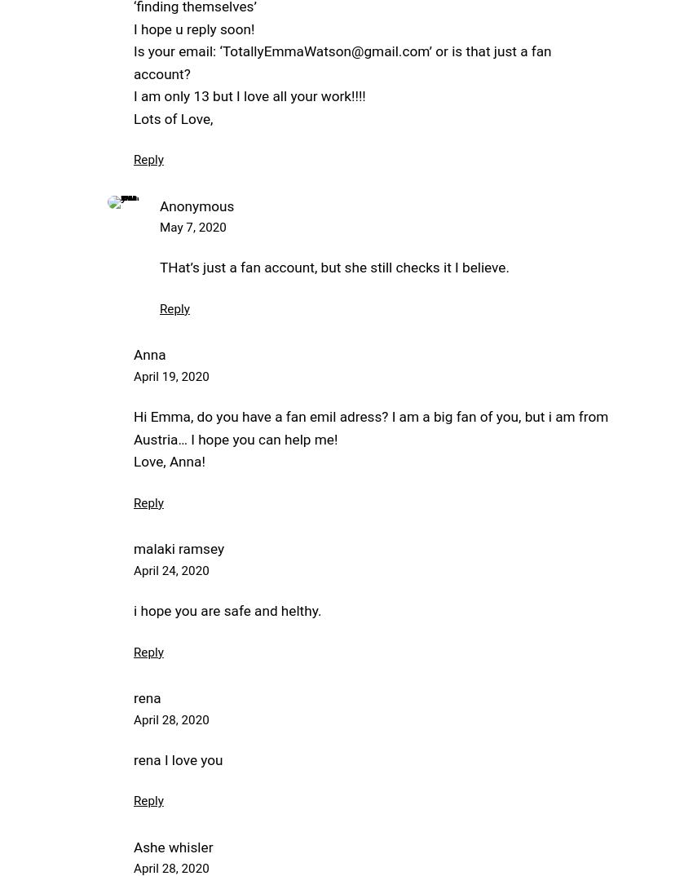 The image size is (693, 876). Describe the element at coordinates (146, 697) in the screenshot. I see `'rena'` at that location.